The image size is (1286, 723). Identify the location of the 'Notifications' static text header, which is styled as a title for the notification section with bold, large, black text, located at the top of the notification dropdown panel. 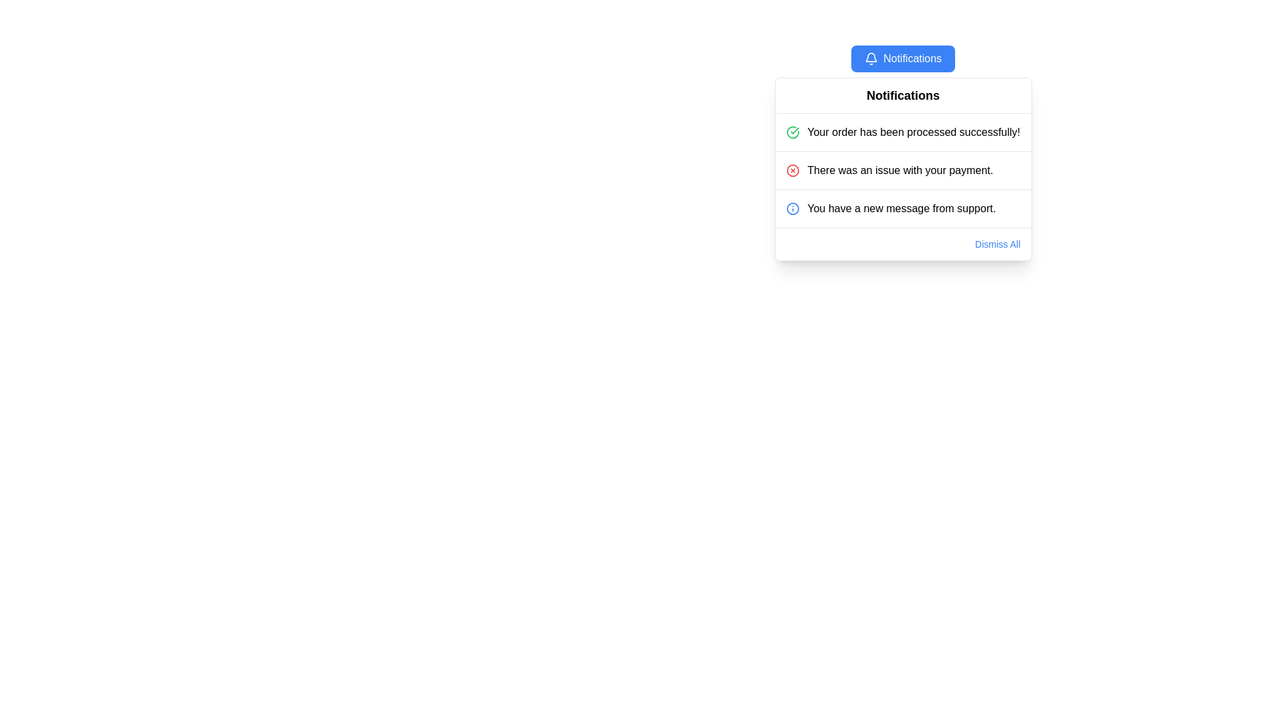
(903, 94).